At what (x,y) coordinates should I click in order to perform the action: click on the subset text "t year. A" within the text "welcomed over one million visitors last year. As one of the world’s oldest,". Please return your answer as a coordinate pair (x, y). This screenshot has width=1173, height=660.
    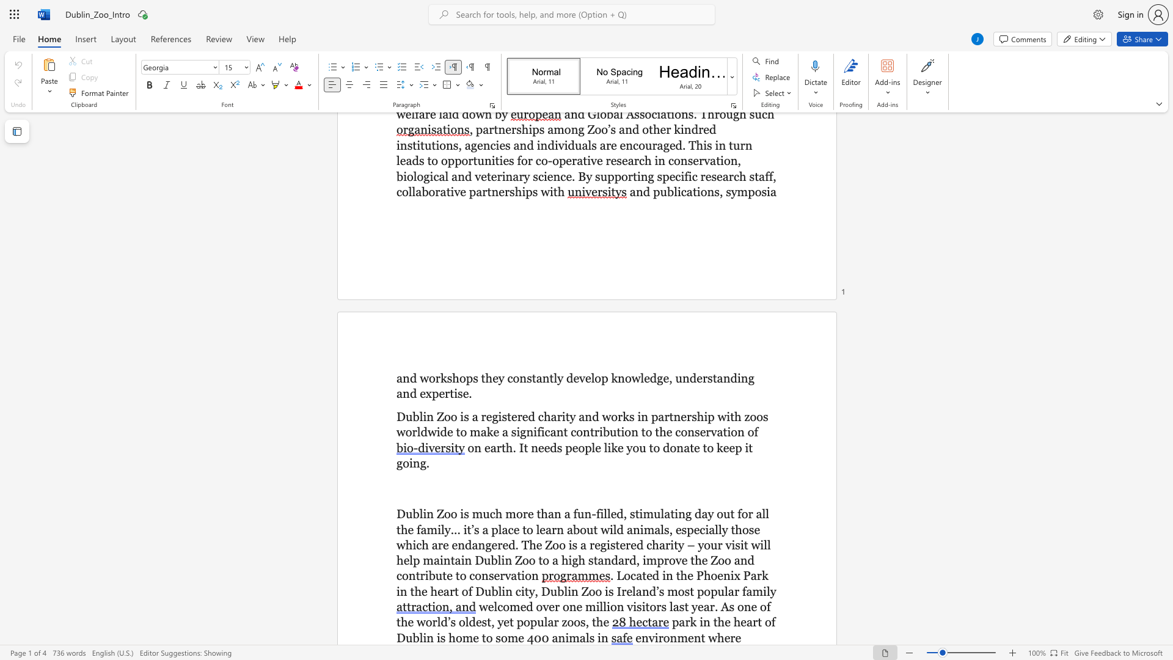
    Looking at the image, I should click on (684, 606).